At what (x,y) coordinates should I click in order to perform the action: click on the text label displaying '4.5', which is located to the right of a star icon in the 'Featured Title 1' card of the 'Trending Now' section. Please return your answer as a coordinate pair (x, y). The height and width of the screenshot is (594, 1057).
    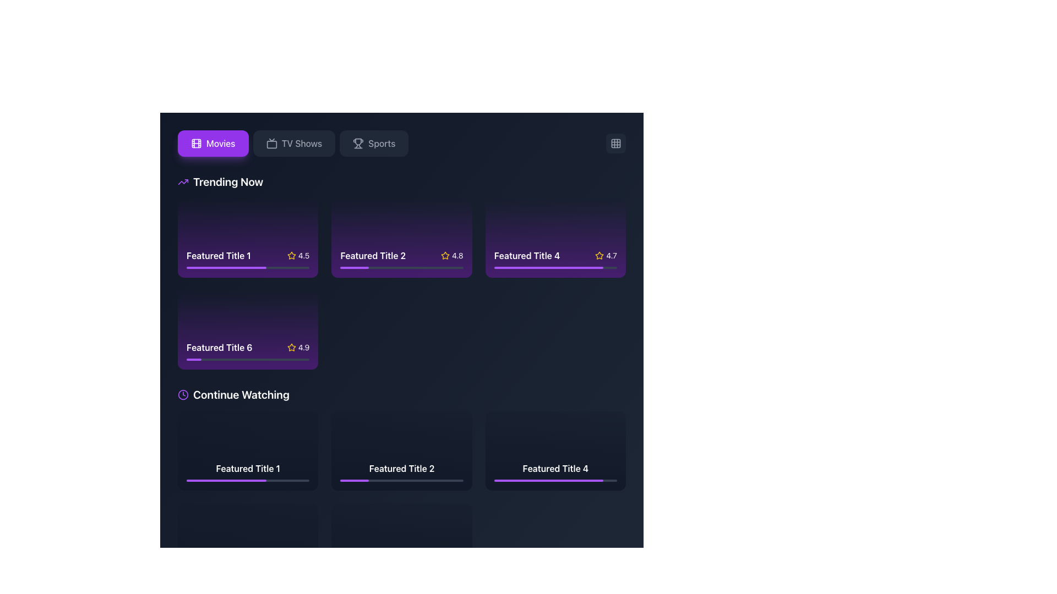
    Looking at the image, I should click on (304, 255).